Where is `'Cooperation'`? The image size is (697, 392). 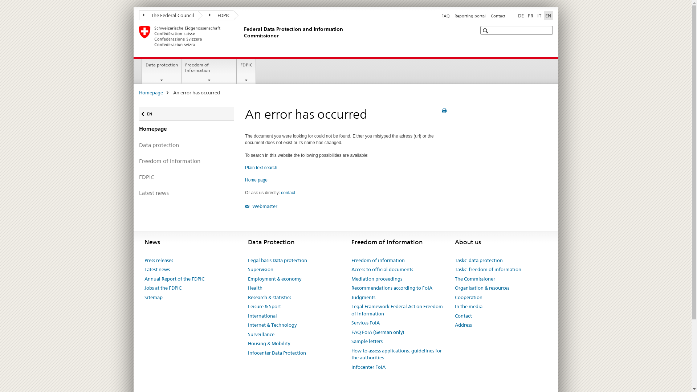
'Cooperation' is located at coordinates (468, 298).